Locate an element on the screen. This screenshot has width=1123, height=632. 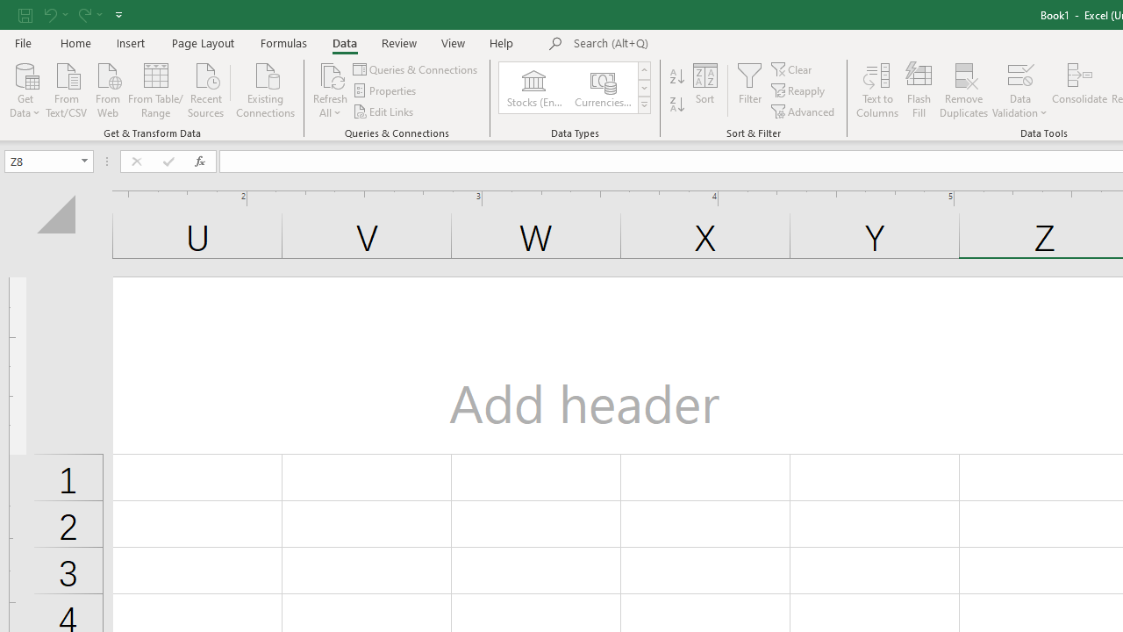
'From Table/Range' is located at coordinates (155, 89).